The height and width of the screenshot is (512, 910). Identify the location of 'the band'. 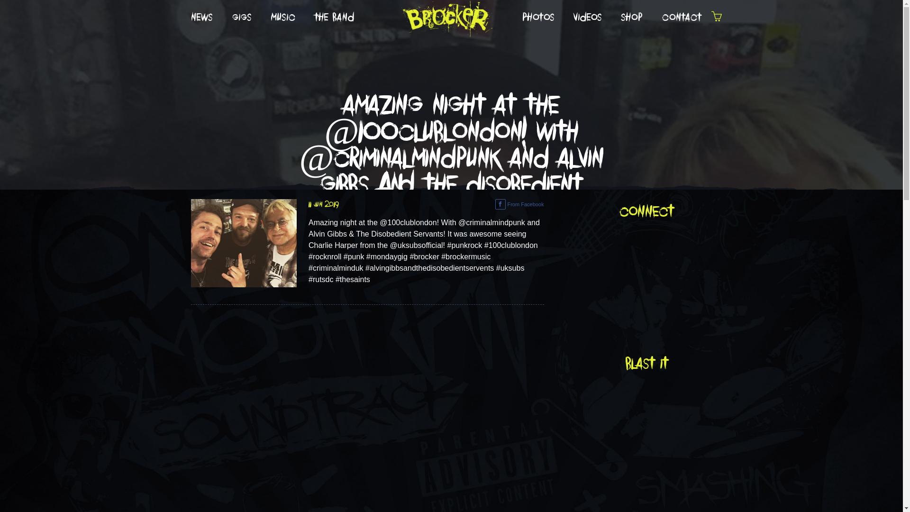
(334, 18).